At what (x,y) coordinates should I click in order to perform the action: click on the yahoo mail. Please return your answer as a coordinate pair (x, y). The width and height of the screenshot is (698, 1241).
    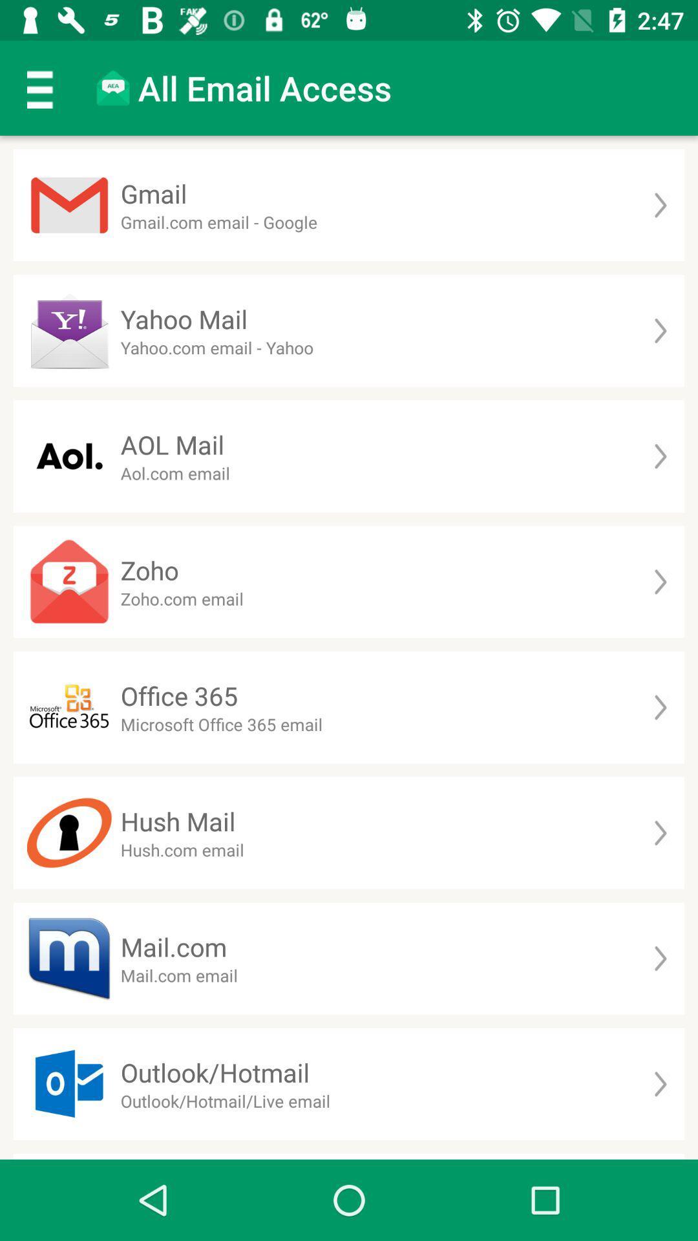
    Looking at the image, I should click on (184, 319).